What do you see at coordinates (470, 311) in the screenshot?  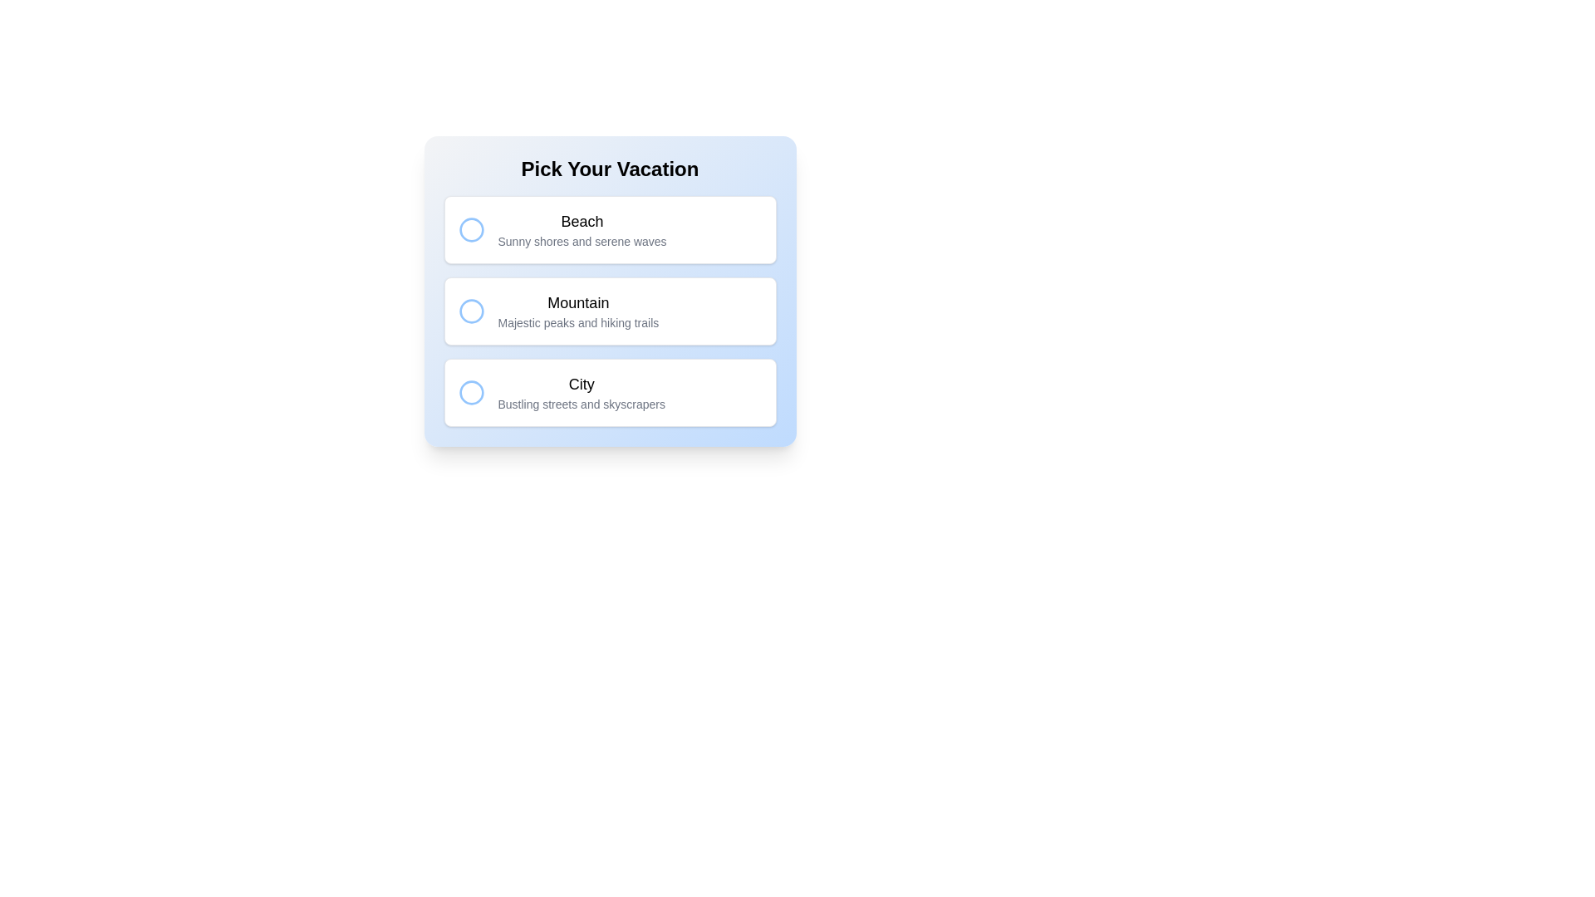 I see `the radio button` at bounding box center [470, 311].